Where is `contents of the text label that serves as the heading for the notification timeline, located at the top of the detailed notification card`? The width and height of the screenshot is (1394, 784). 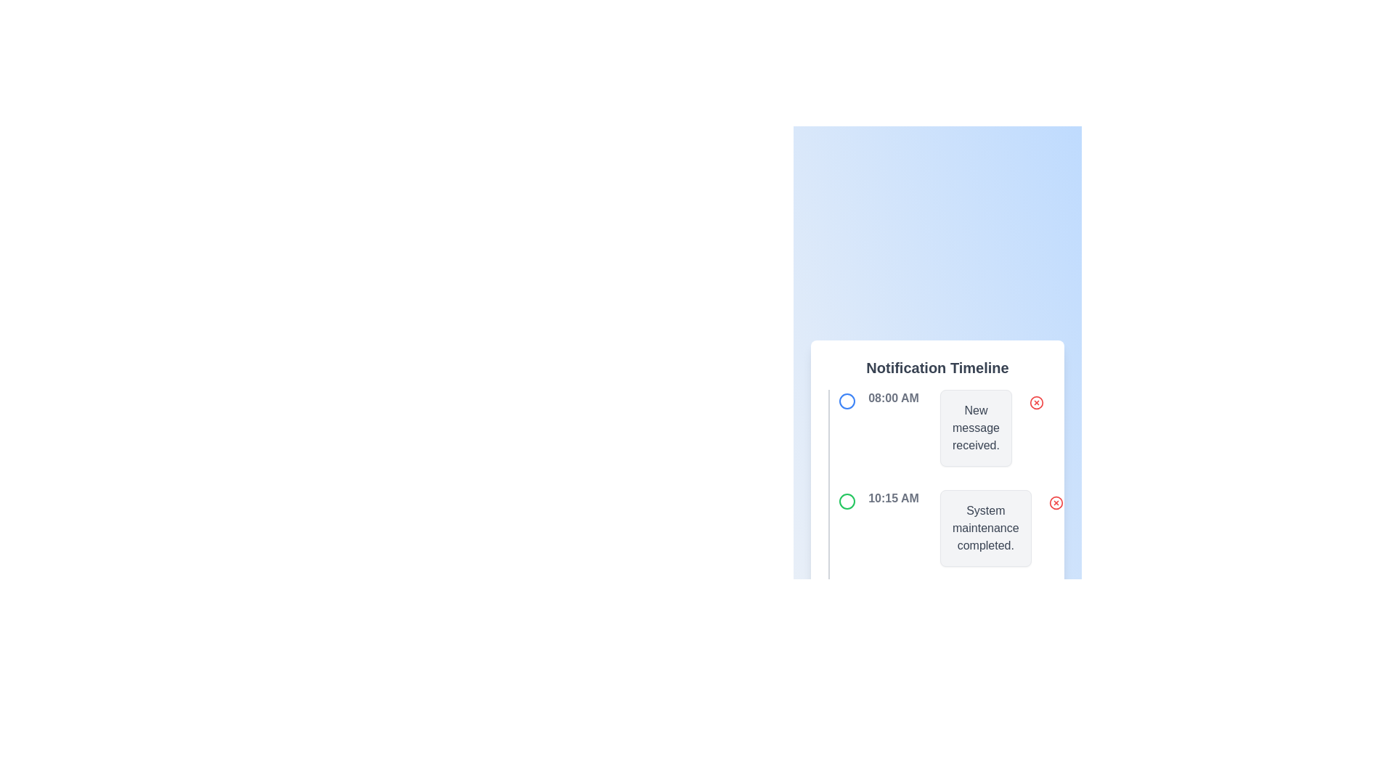 contents of the text label that serves as the heading for the notification timeline, located at the top of the detailed notification card is located at coordinates (937, 367).